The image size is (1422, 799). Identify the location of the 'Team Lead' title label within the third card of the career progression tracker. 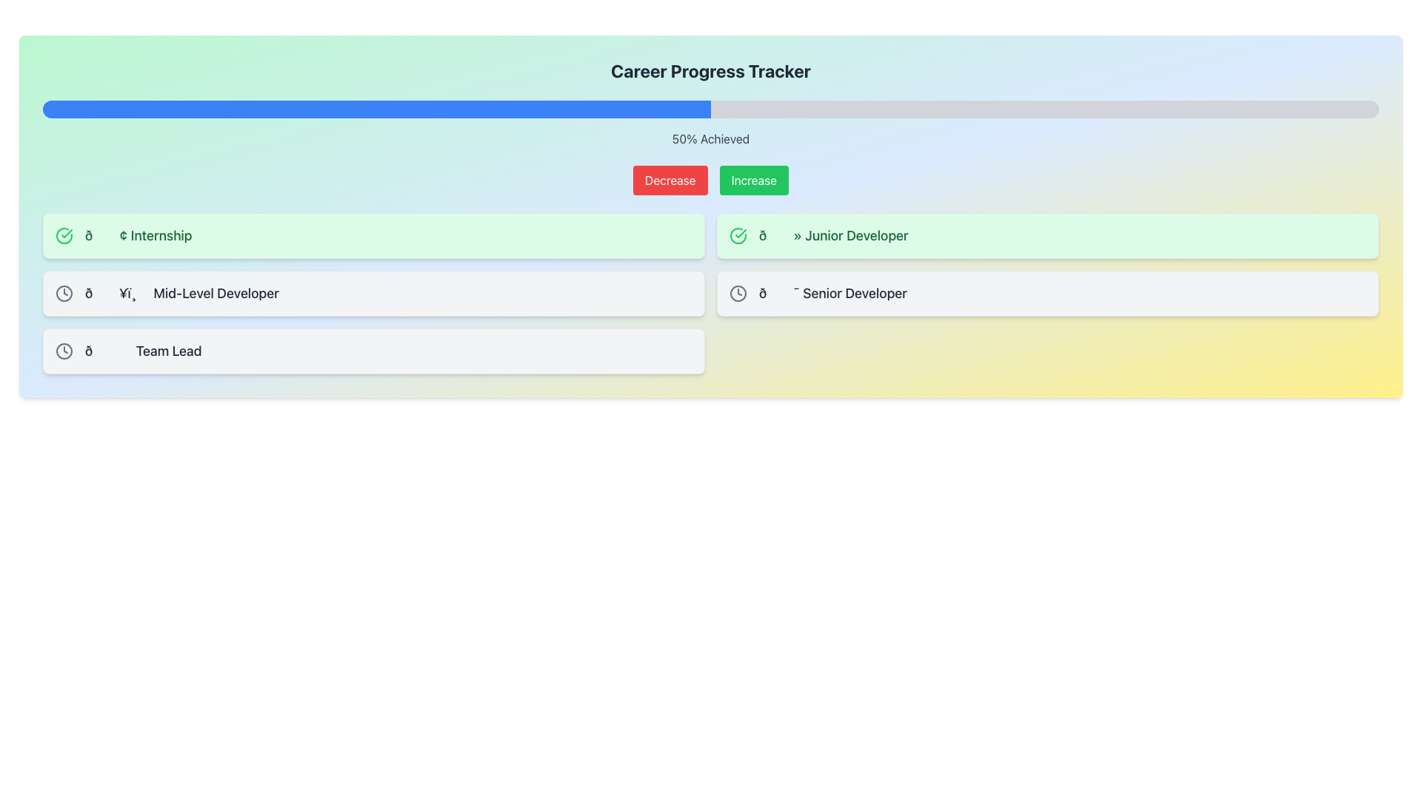
(143, 351).